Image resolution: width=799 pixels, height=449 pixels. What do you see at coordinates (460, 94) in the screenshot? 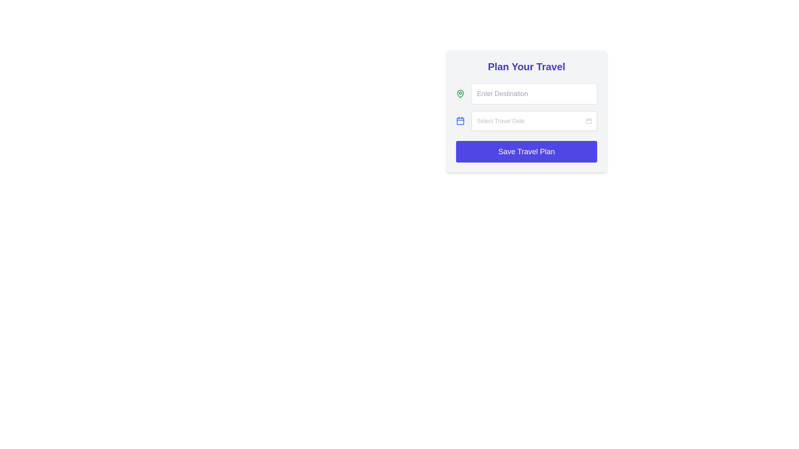
I see `the green outlined pin-like icon located to the left of the 'Enter Destination' input field` at bounding box center [460, 94].